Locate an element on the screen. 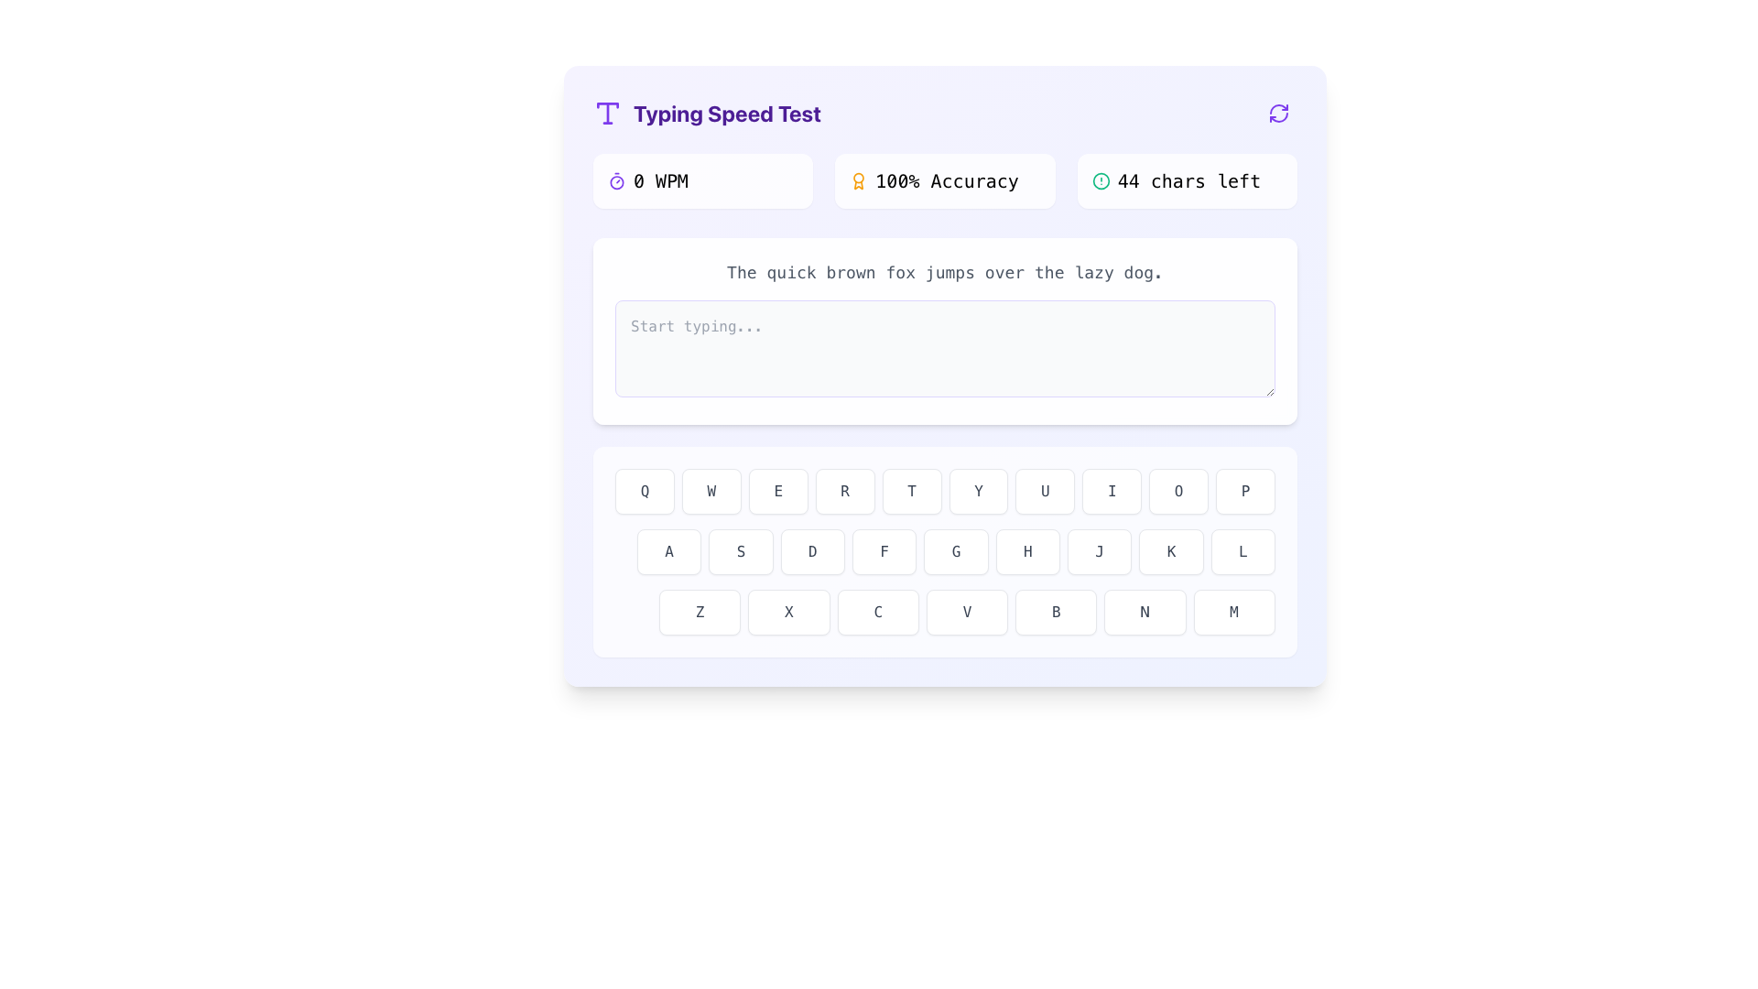 This screenshot has width=1758, height=989. the individual buttons in the A row of the virtual keyboard layout to input respective characters from 'A' to 'L' is located at coordinates (955, 550).